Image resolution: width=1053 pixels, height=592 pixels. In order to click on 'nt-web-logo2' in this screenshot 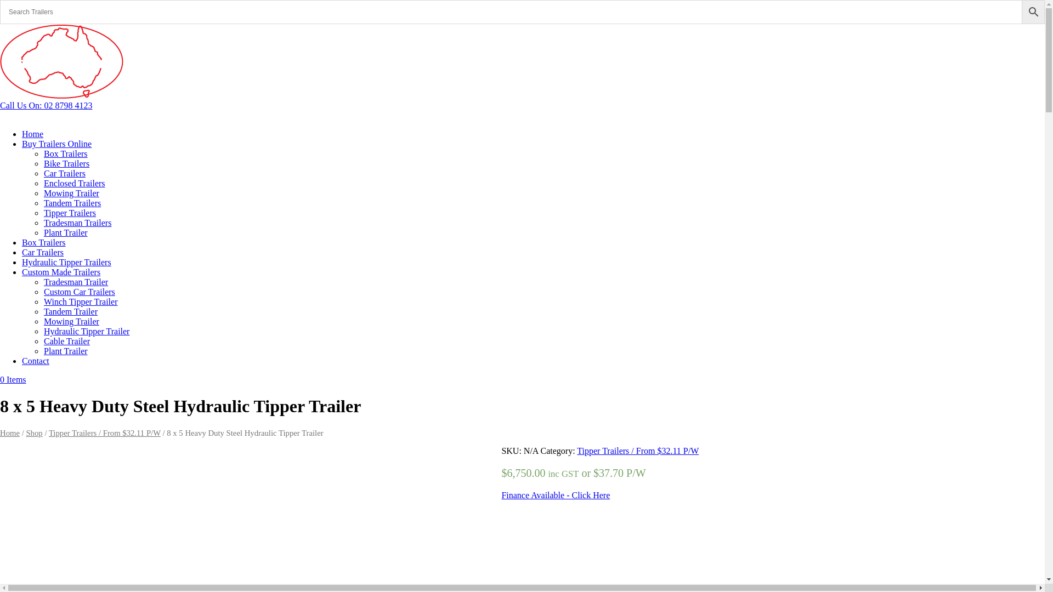, I will do `click(0, 61)`.